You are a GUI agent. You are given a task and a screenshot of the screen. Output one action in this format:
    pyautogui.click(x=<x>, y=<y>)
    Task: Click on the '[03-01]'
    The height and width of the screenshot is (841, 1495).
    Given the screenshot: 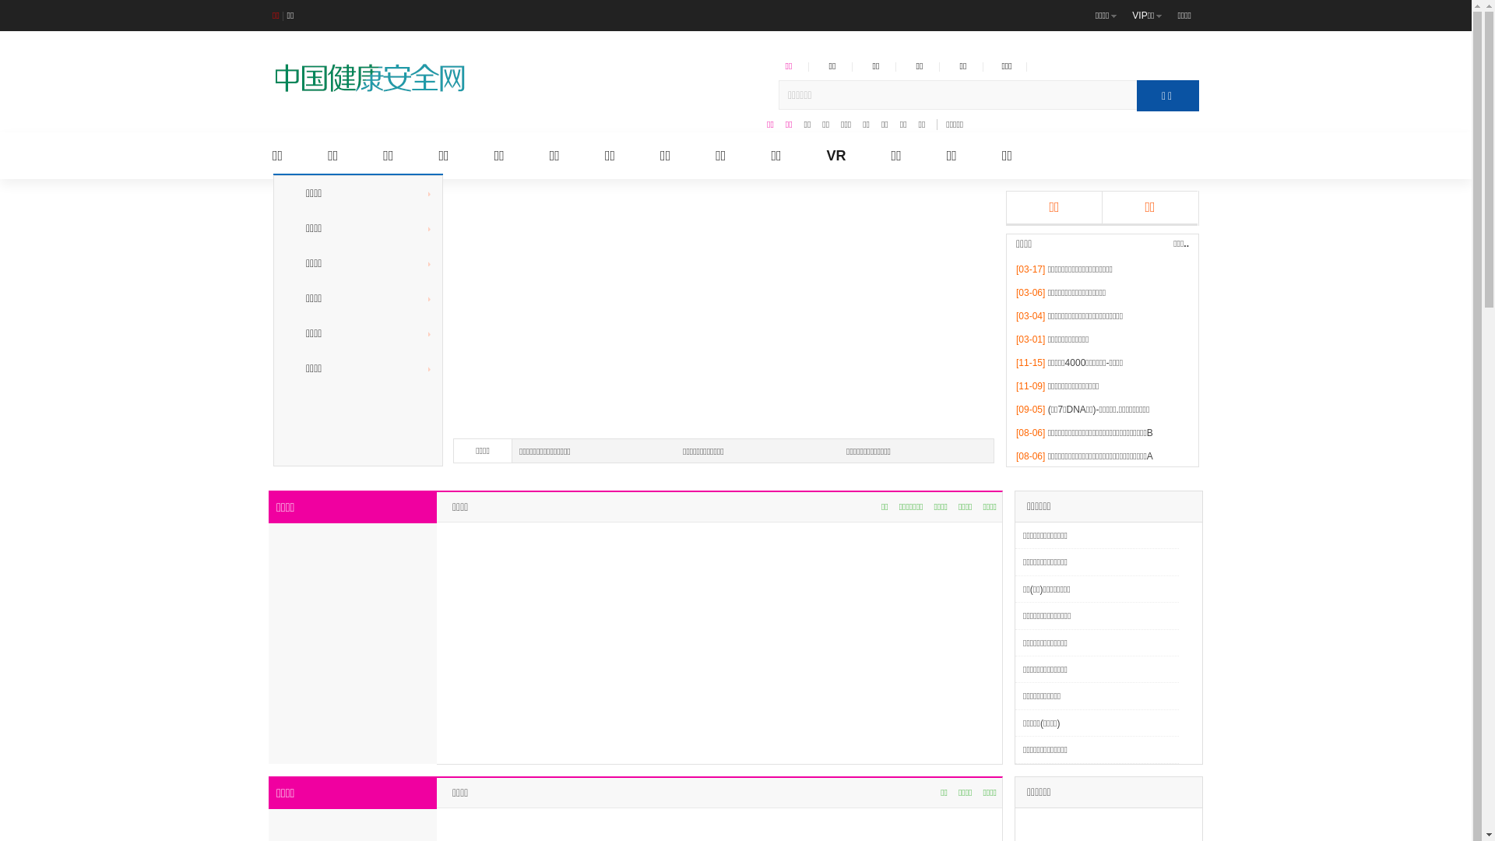 What is the action you would take?
    pyautogui.click(x=1030, y=338)
    